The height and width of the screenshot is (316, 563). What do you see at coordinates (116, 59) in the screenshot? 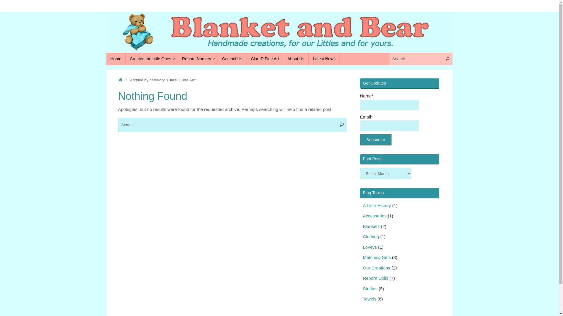
I see `'Home'` at bounding box center [116, 59].